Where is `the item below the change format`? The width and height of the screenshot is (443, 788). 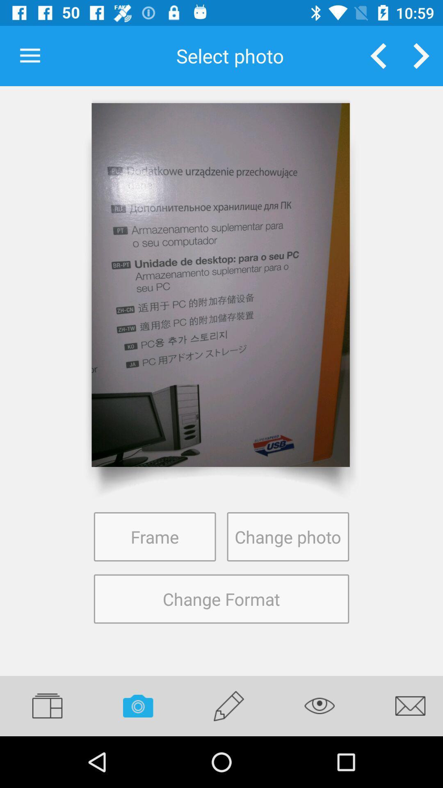
the item below the change format is located at coordinates (229, 706).